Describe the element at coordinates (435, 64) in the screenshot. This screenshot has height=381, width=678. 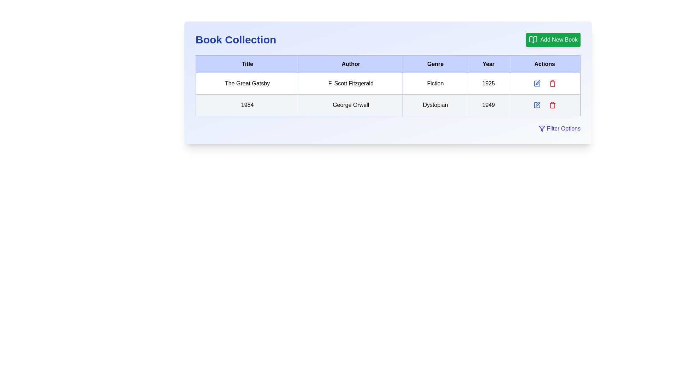
I see `the 'Genre' text label, which is a bold black text on a blue background, located in the third column header of a table between 'Author' and 'Year'` at that location.